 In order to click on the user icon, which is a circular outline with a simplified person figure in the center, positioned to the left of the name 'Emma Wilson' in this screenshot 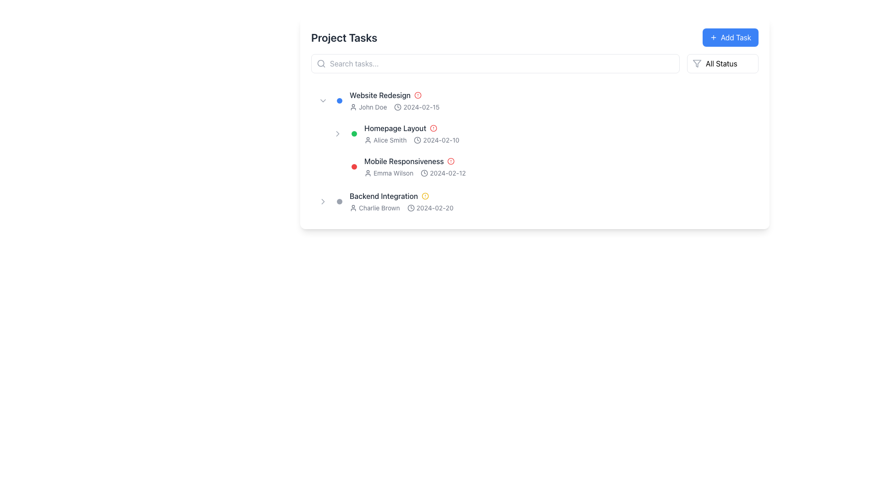, I will do `click(368, 173)`.